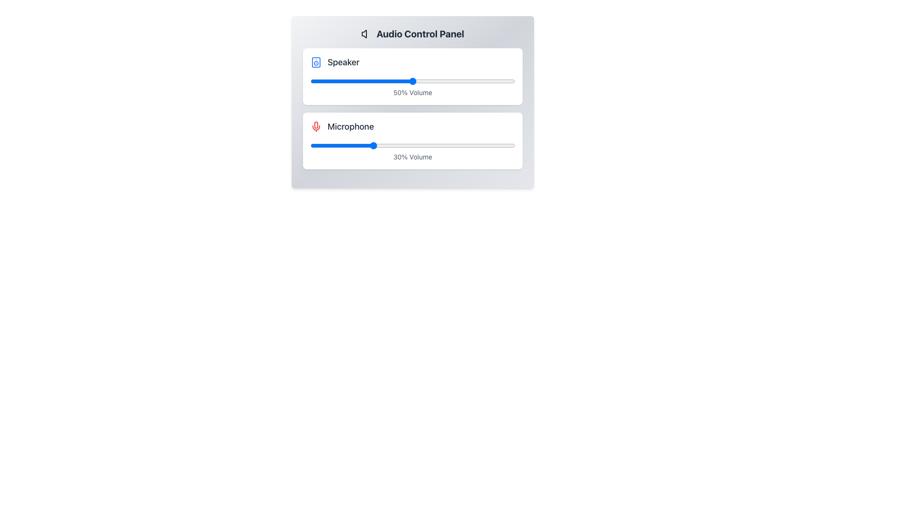 The width and height of the screenshot is (909, 511). What do you see at coordinates (413, 146) in the screenshot?
I see `the Range Slider in the 'Microphone' section of the 'Audio Control Panel'` at bounding box center [413, 146].